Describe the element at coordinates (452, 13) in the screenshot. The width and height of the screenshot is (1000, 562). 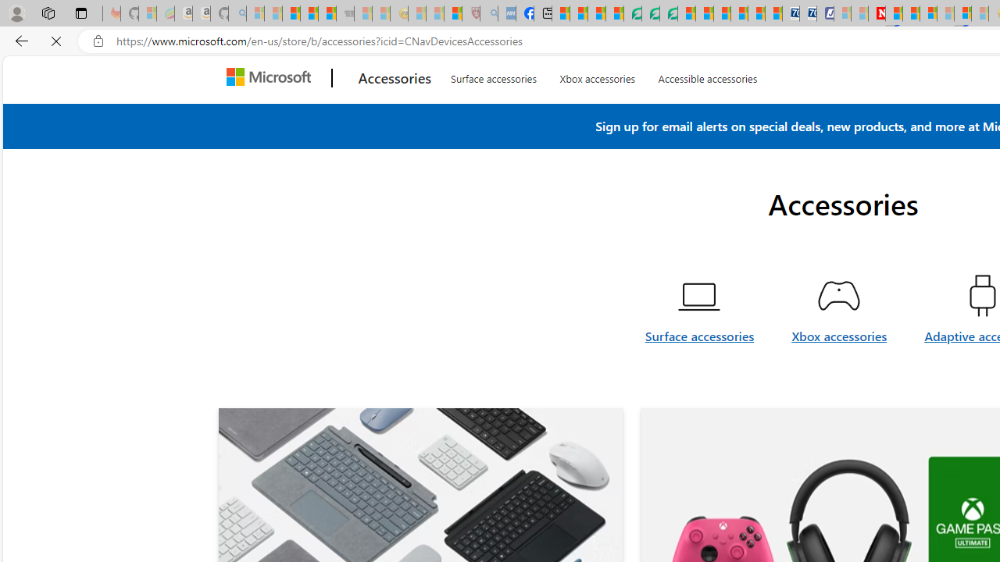
I see `'Local - MSN'` at that location.